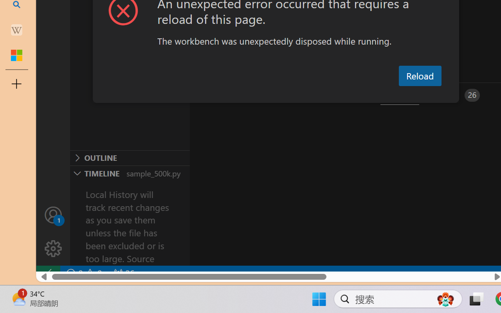 This screenshot has width=501, height=313. Describe the element at coordinates (272, 95) in the screenshot. I see `'Output (Ctrl+Shift+U)'` at that location.